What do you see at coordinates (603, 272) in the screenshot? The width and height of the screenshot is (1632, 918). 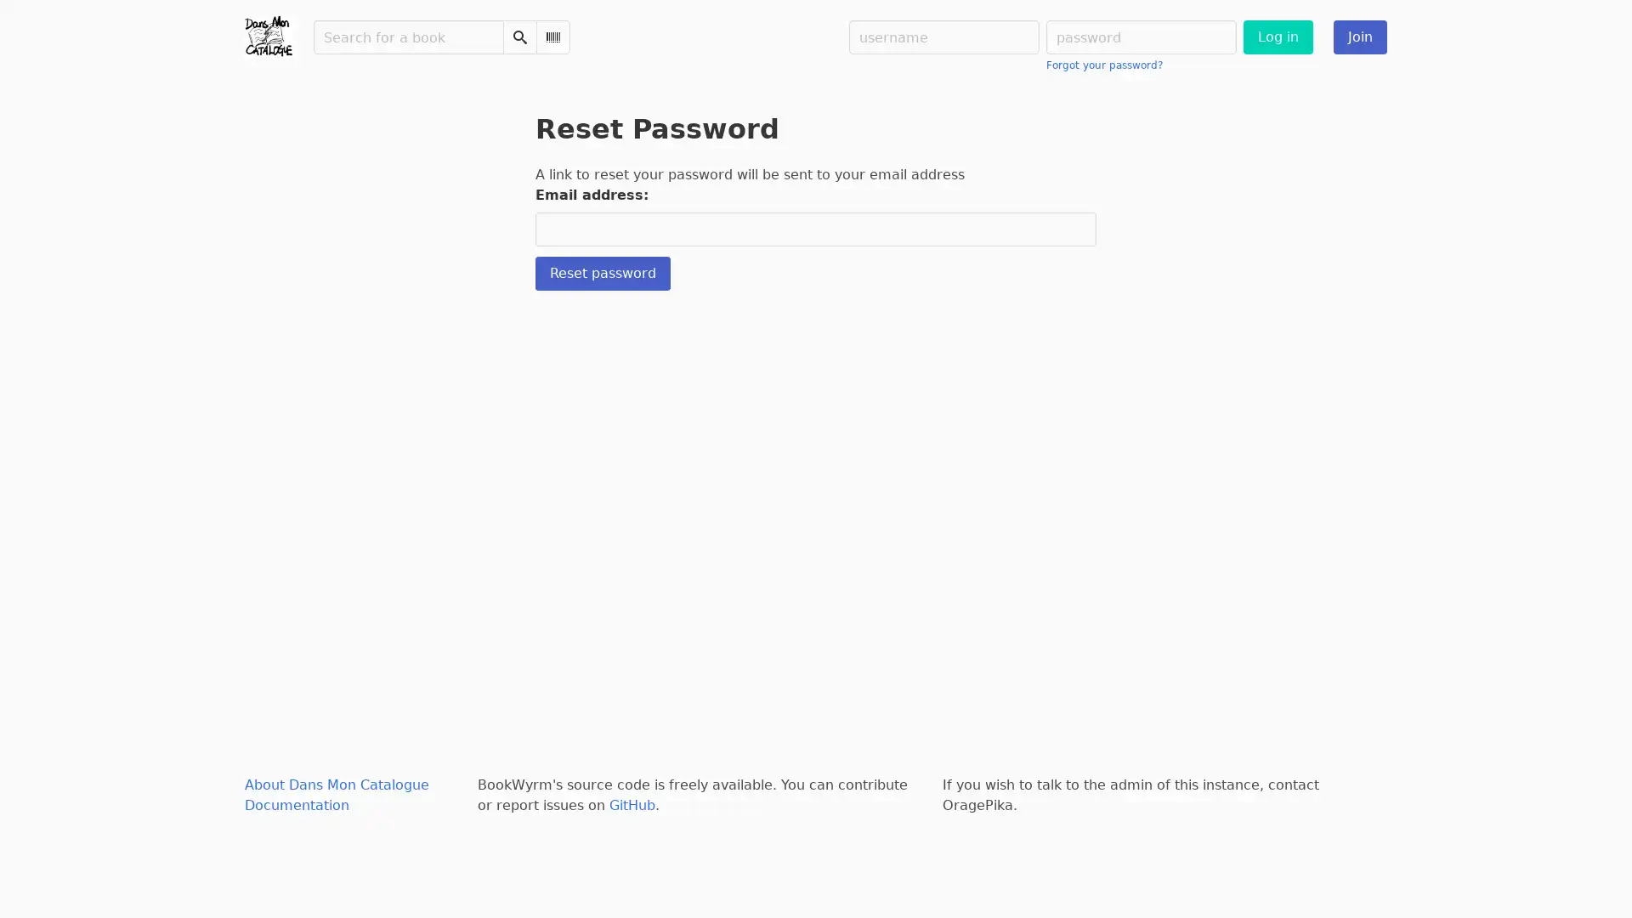 I see `Reset password` at bounding box center [603, 272].